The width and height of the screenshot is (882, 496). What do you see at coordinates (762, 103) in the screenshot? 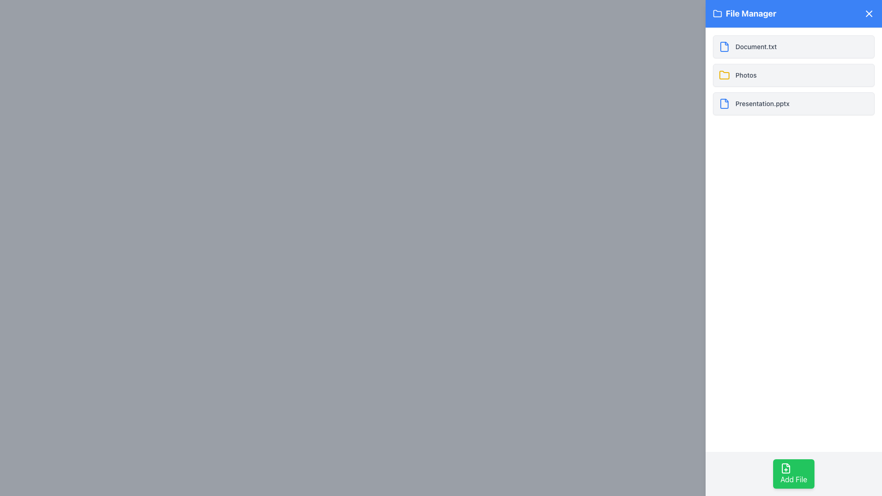
I see `the static text element that labels the file named 'Presentation.pptx' in the file manager UI, which is the third item listed alongside the SVG file icon` at bounding box center [762, 103].